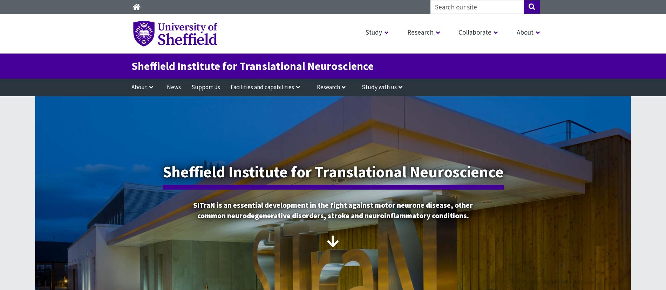 The image size is (666, 290). I want to click on 'Facilities and capabilities', so click(262, 87).